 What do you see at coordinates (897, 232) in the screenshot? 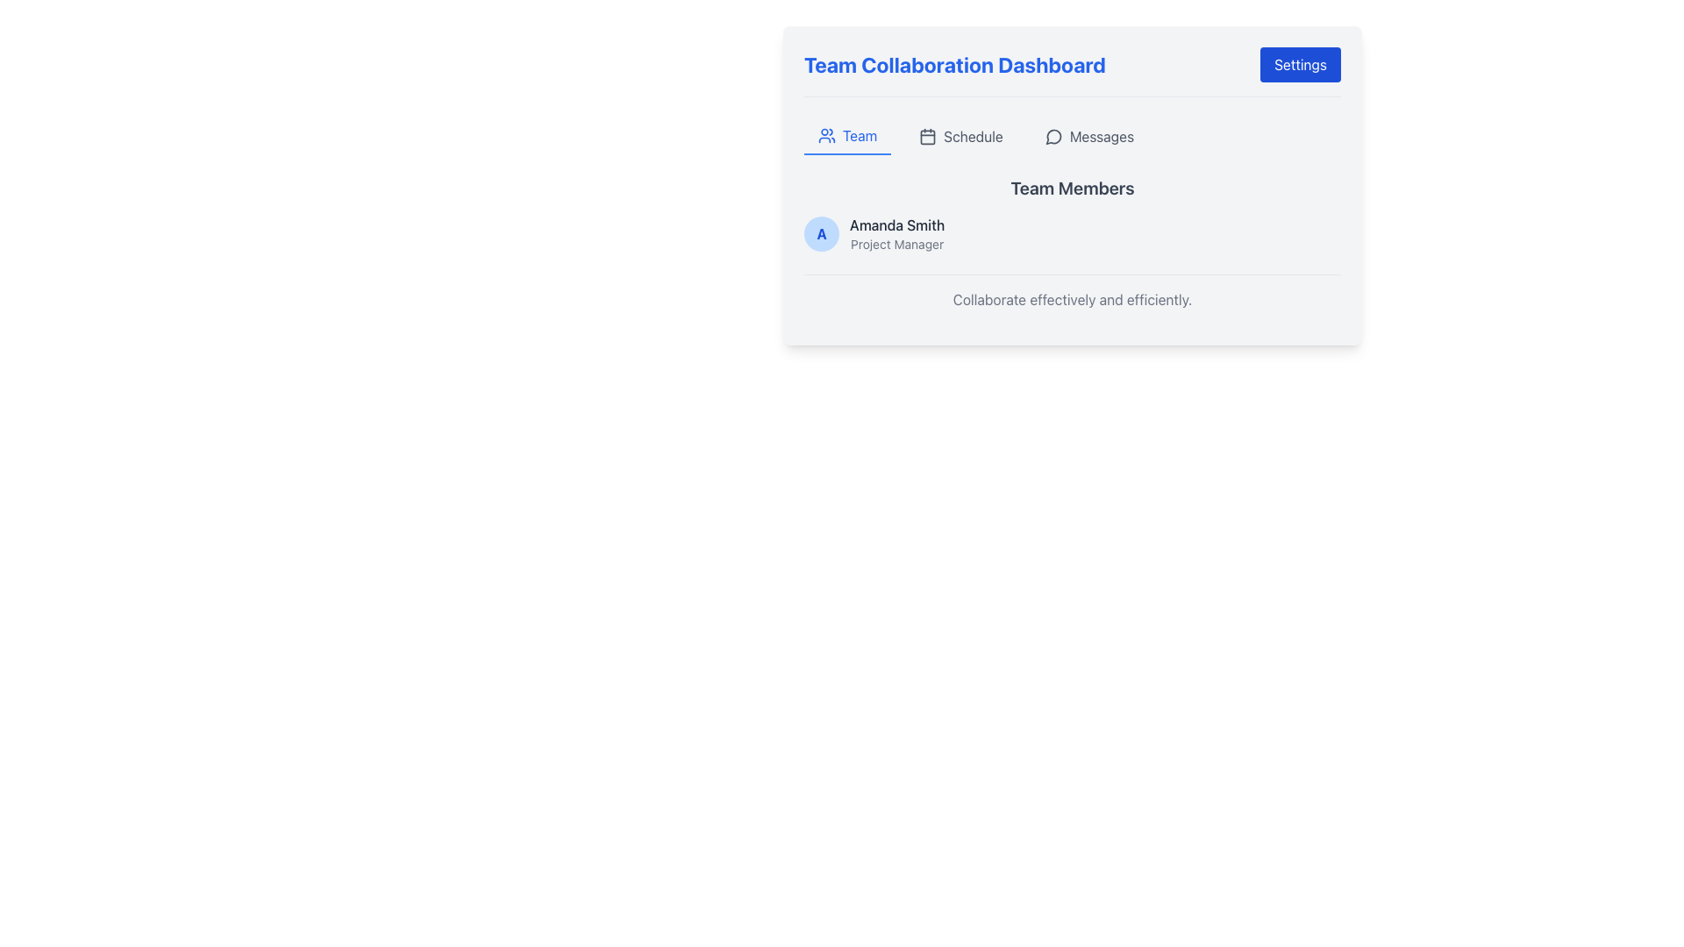
I see `the text component displaying the information about the first team member, who has the letter 'A' in their circular avatar` at bounding box center [897, 232].